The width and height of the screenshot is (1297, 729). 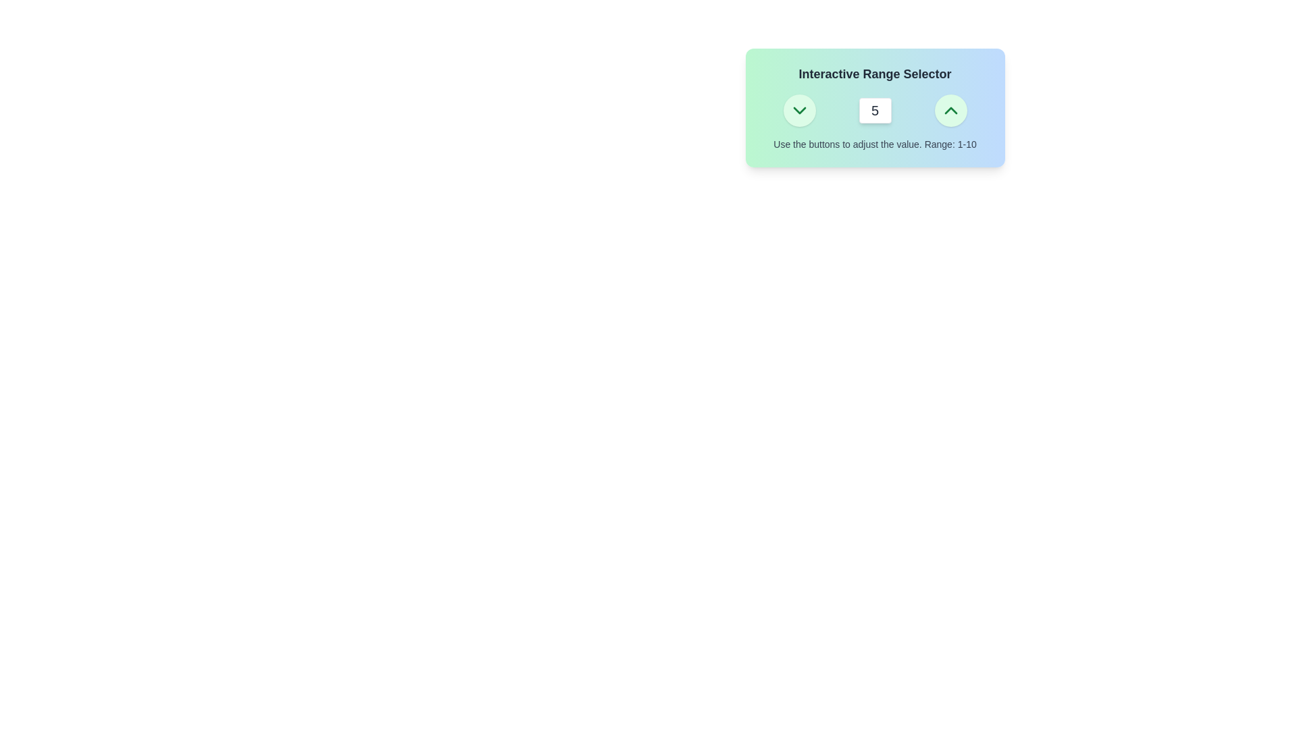 I want to click on the icon on the left side of the range adjustment panel to decrease the numerical value associated with the range selector, so click(x=799, y=110).